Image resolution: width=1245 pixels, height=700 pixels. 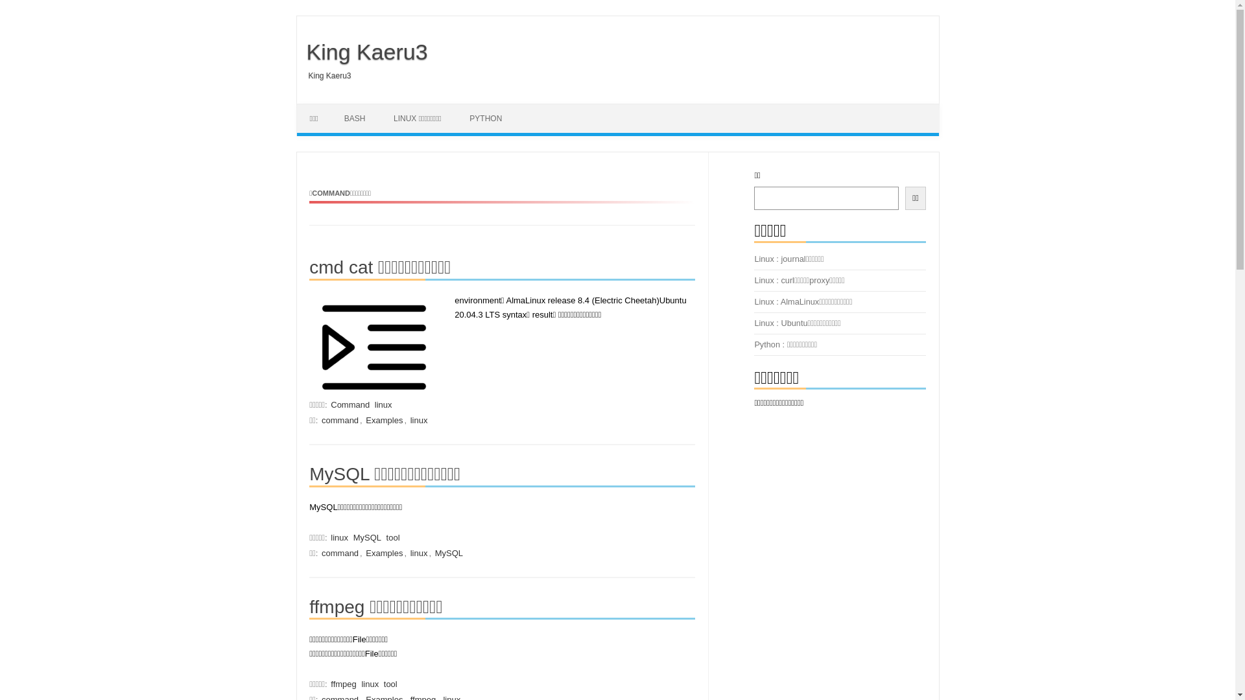 What do you see at coordinates (329, 537) in the screenshot?
I see `'linux'` at bounding box center [329, 537].